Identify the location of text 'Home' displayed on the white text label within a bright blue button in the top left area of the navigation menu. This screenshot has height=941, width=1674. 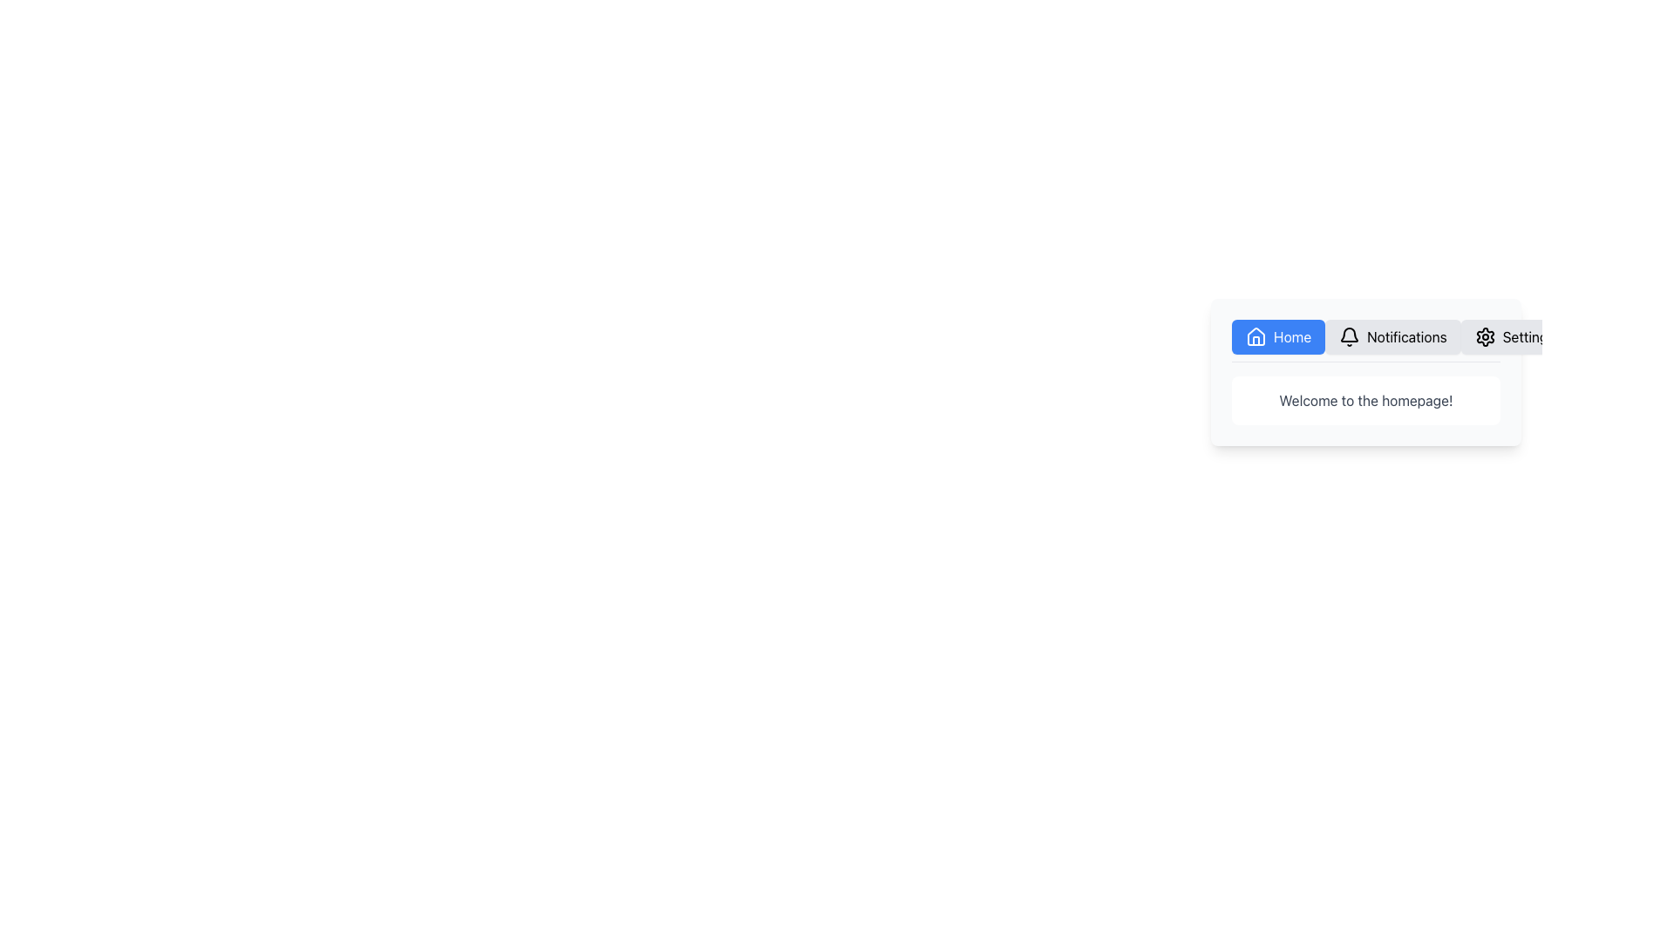
(1292, 336).